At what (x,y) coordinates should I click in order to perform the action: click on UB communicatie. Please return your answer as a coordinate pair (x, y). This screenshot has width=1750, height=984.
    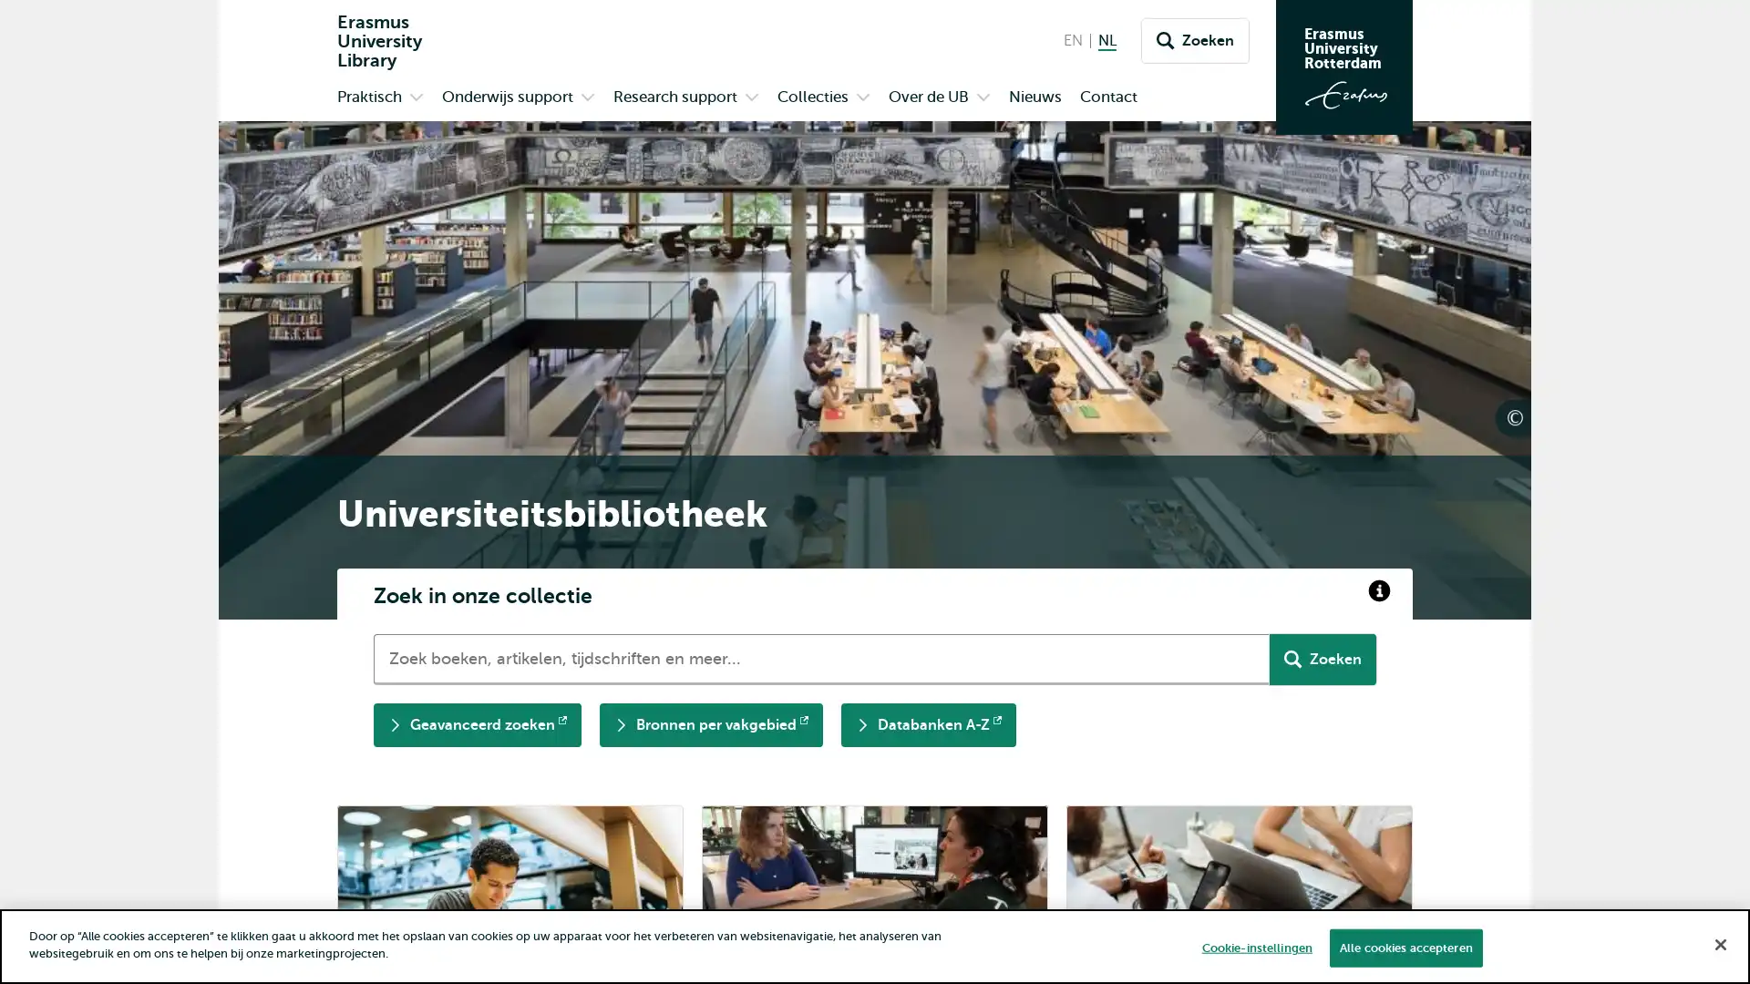
    Looking at the image, I should click on (1596, 418).